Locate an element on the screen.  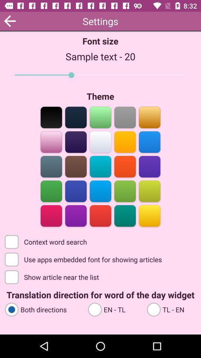
choose this color is located at coordinates (100, 215).